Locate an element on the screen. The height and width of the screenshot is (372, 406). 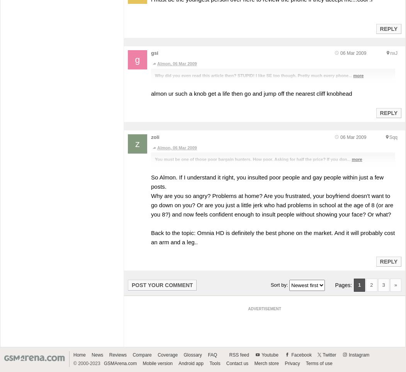
'Back to the topic: Omnia HD is definitely the best phone on the market. And it will probably cost an arm and a leg..' is located at coordinates (272, 237).